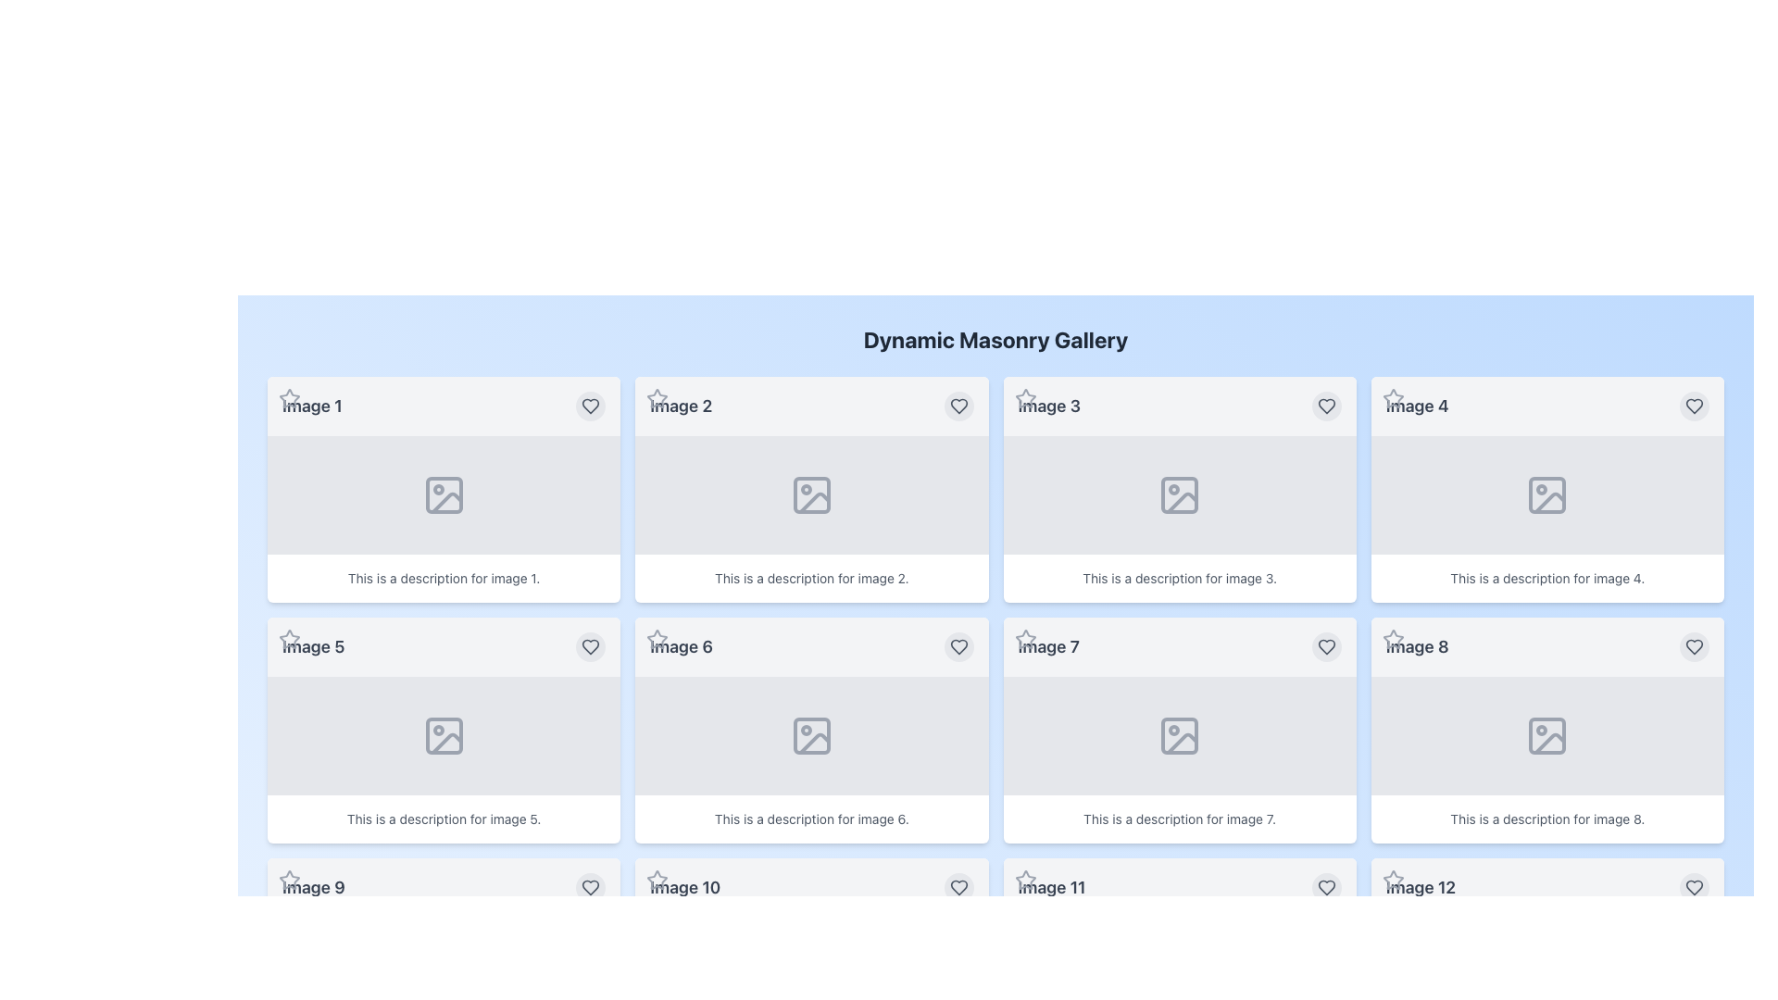 The width and height of the screenshot is (1778, 1000). What do you see at coordinates (1048, 645) in the screenshot?
I see `the text label displaying 'Image 7'` at bounding box center [1048, 645].